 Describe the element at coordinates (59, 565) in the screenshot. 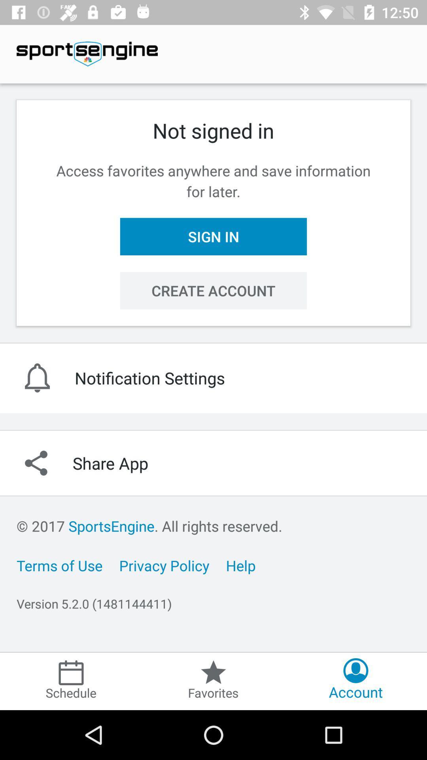

I see `the item below the 2017 sportsengine all icon` at that location.